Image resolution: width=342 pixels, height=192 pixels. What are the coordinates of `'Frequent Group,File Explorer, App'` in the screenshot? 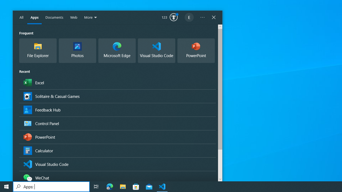 It's located at (38, 51).